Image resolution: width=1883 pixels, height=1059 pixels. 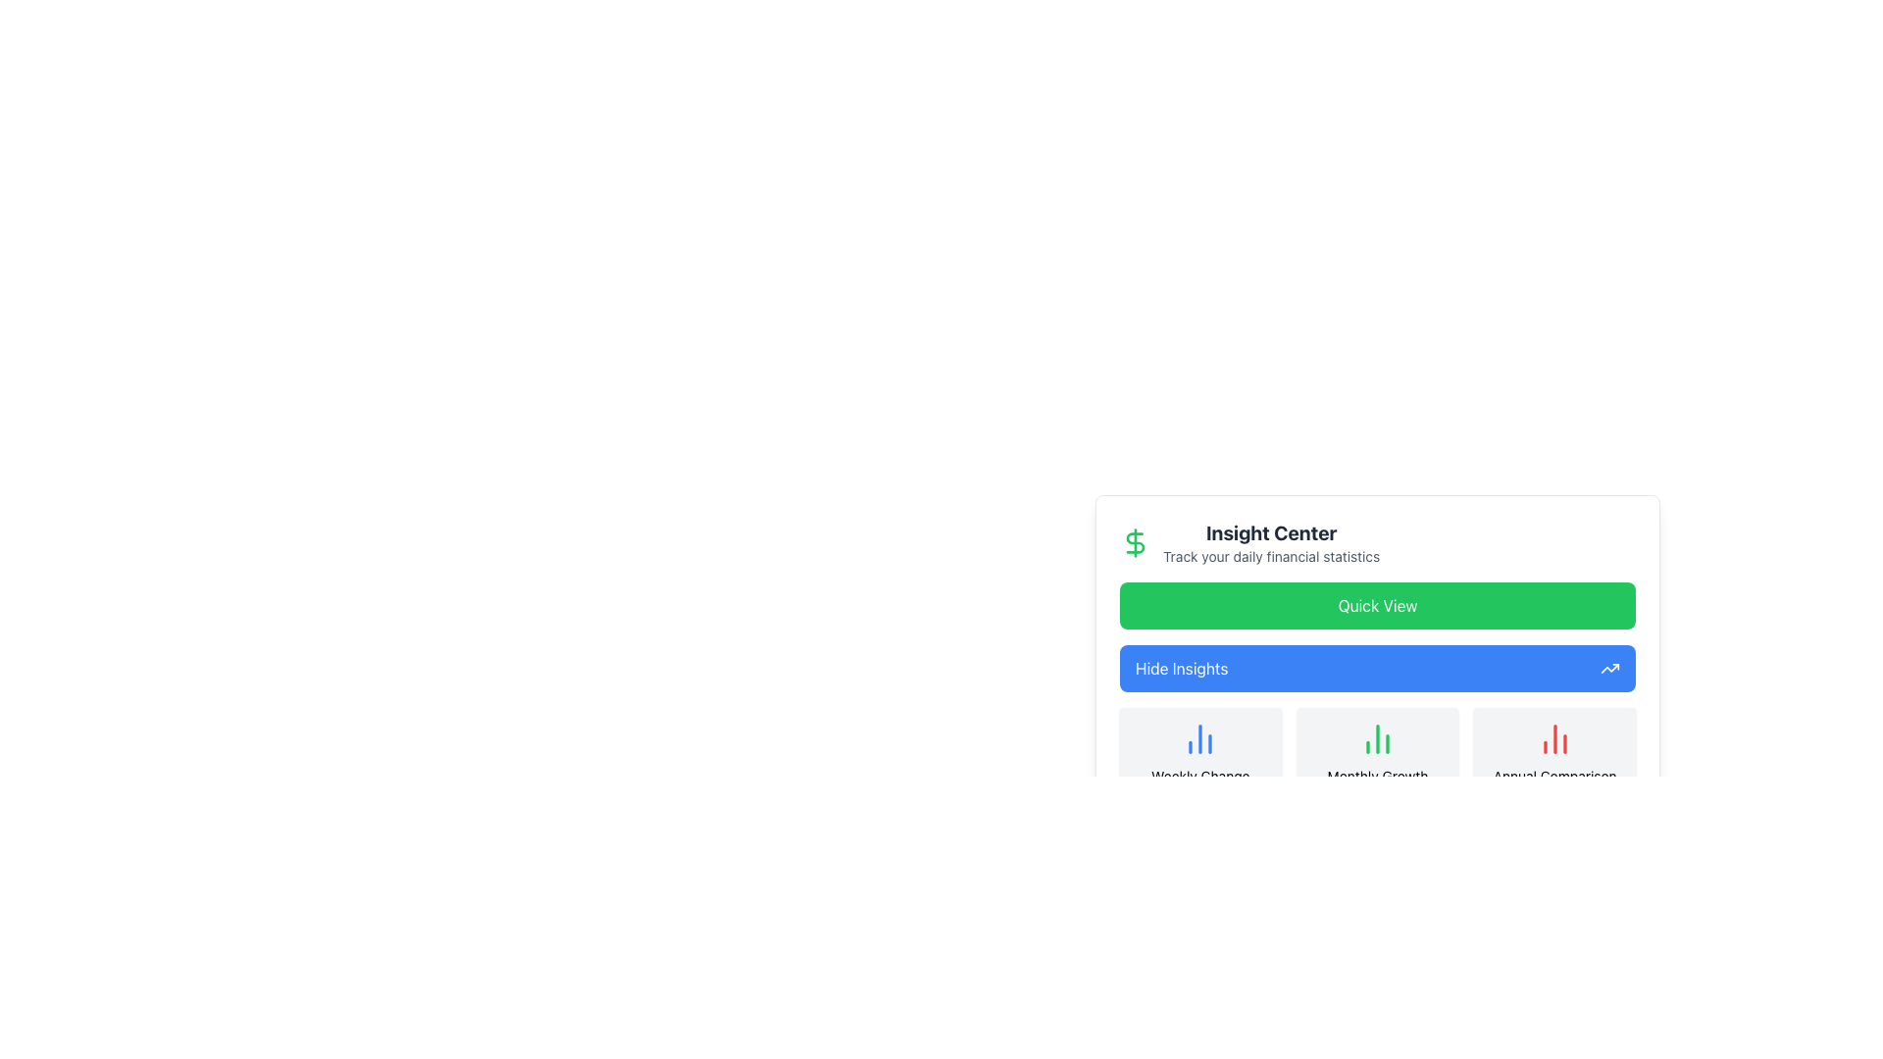 What do you see at coordinates (1377, 673) in the screenshot?
I see `the button located directly below the 'Quick View' button to hide the insights section` at bounding box center [1377, 673].